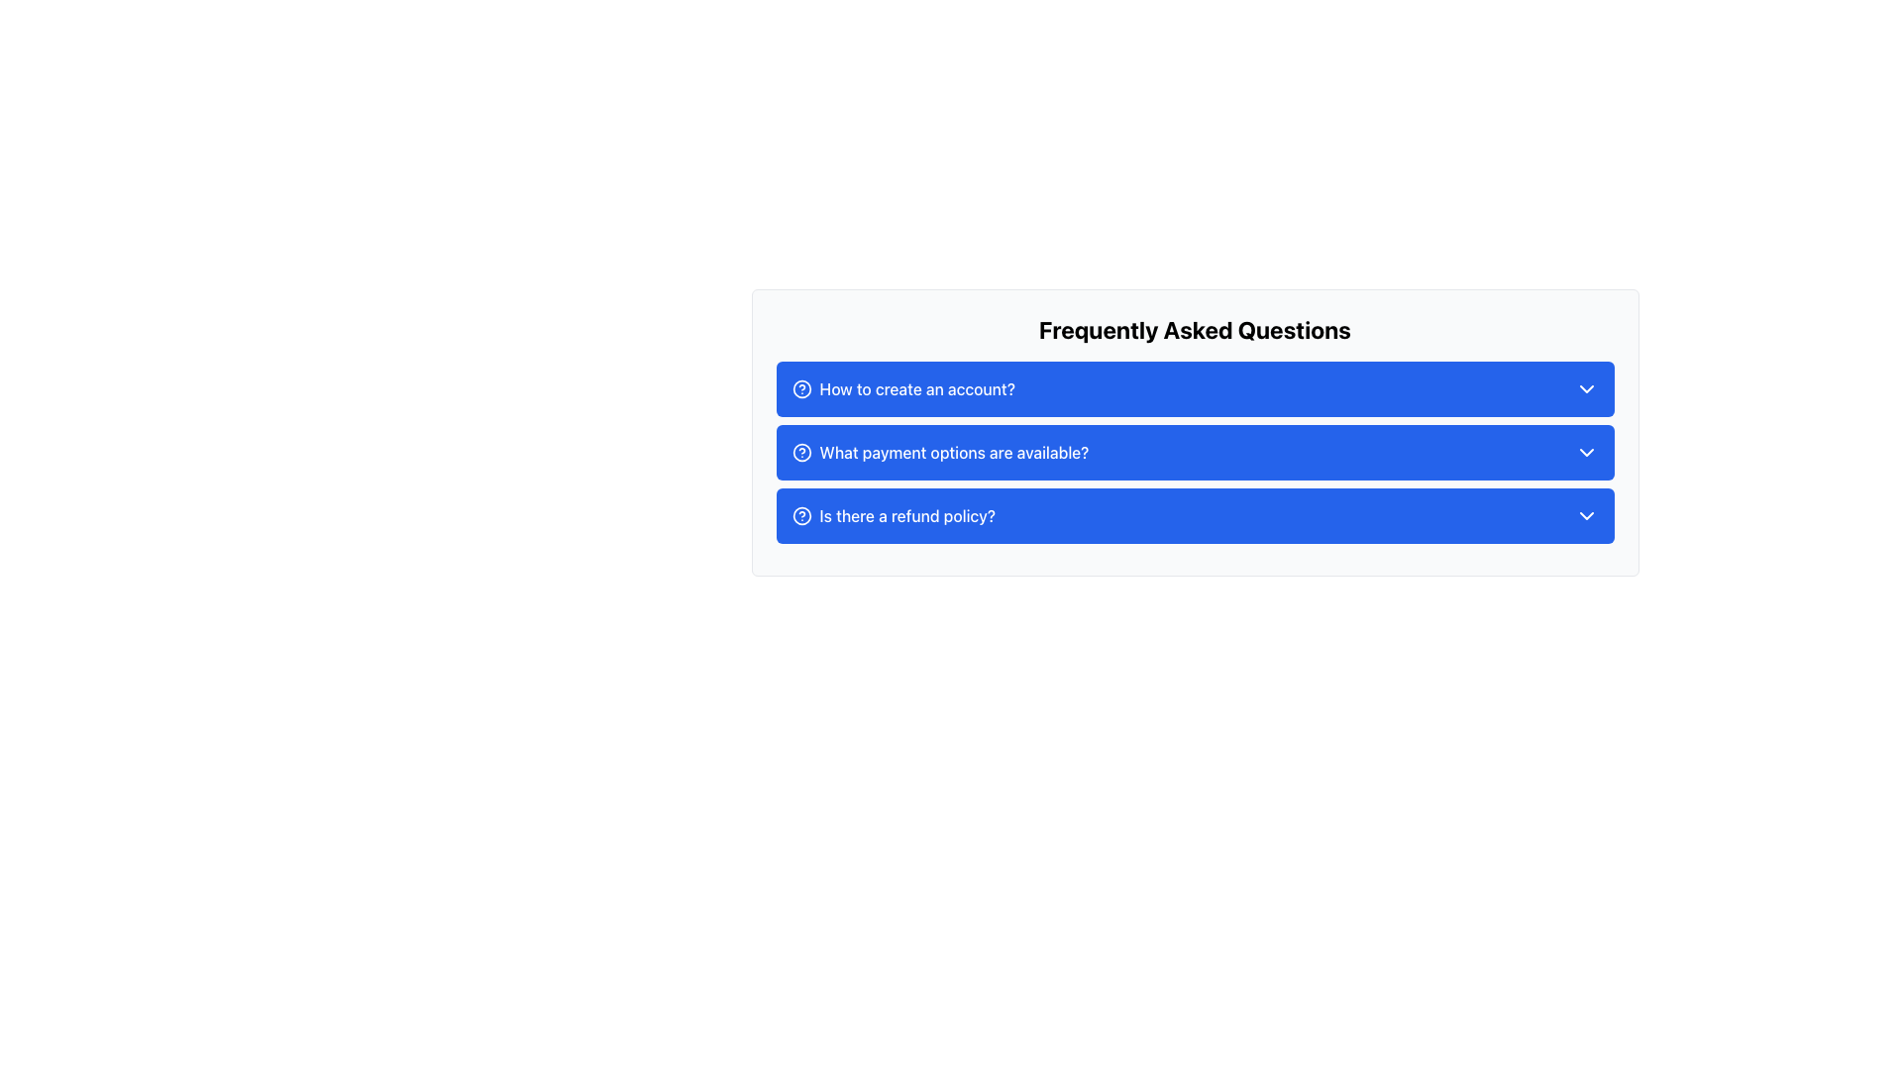 Image resolution: width=1902 pixels, height=1070 pixels. What do you see at coordinates (801, 452) in the screenshot?
I see `the visual style of the circular part of the FAQ indicator icon, which is aligned to the left of the FAQ question labeled 'What payment options are available?'` at bounding box center [801, 452].